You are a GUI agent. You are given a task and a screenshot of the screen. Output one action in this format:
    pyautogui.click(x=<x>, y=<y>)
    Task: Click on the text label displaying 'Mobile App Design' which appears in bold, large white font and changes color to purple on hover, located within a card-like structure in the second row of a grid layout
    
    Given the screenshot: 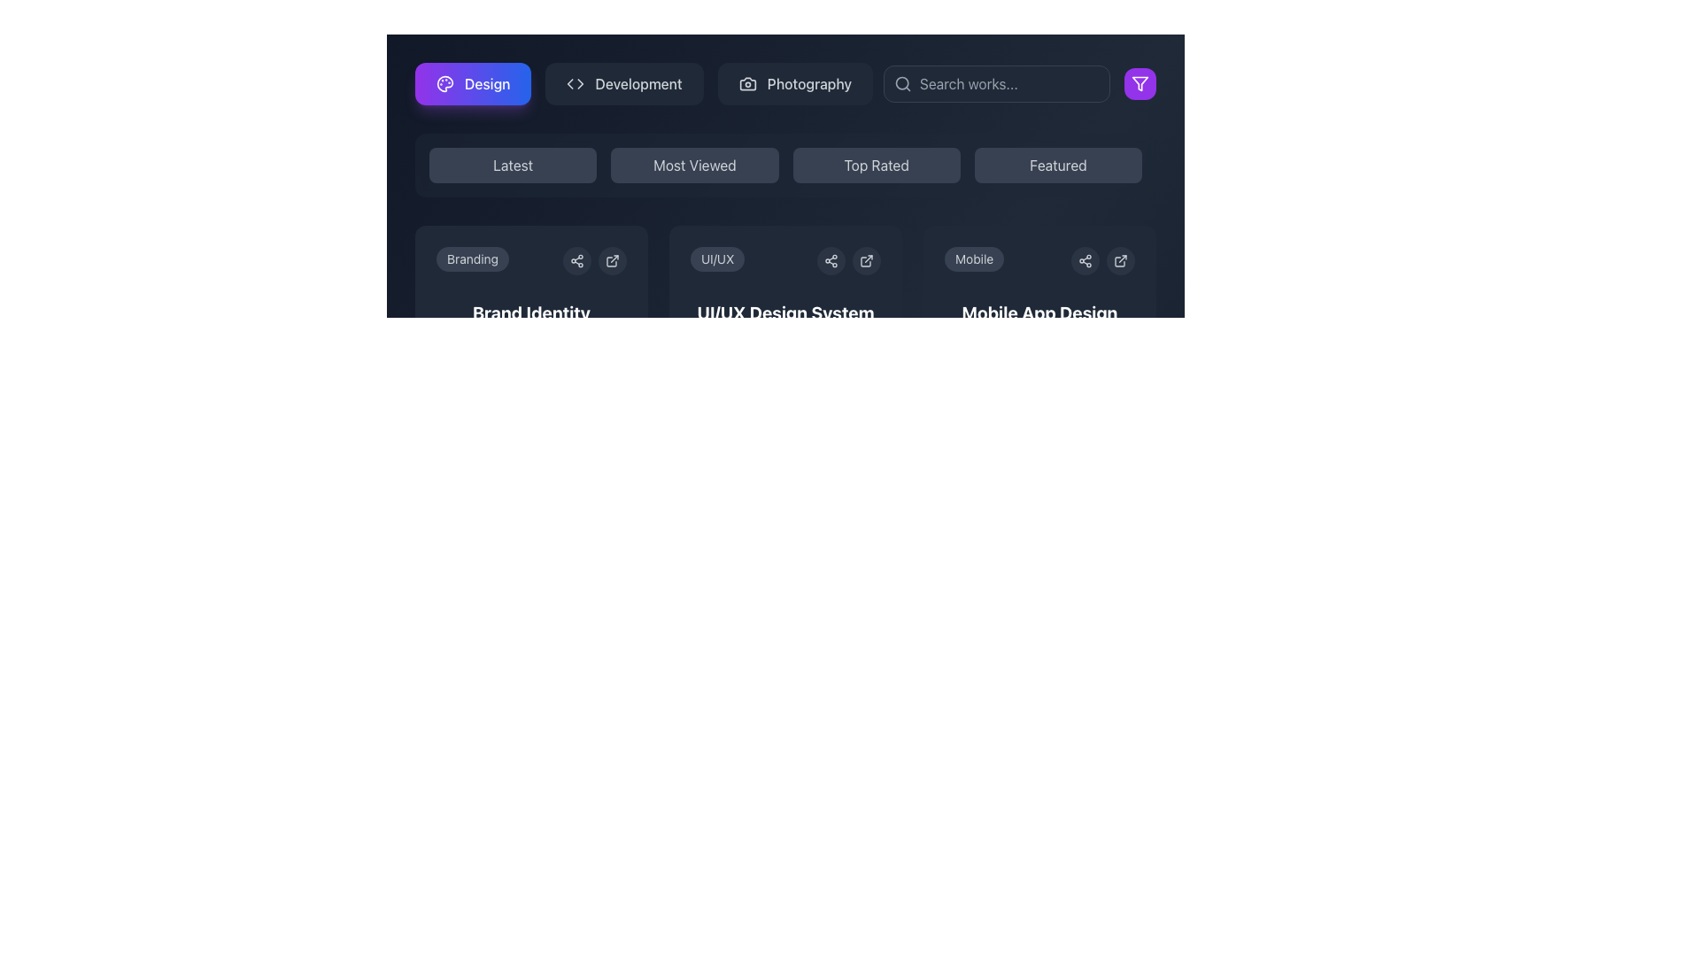 What is the action you would take?
    pyautogui.click(x=1039, y=312)
    